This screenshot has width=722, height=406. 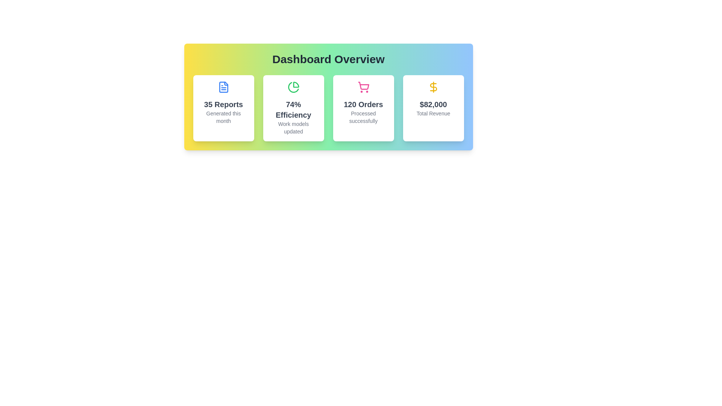 I want to click on the shopping cart icon with a pink stroke color, which is part of the dashboard summary layout indicating orders processed, so click(x=363, y=85).